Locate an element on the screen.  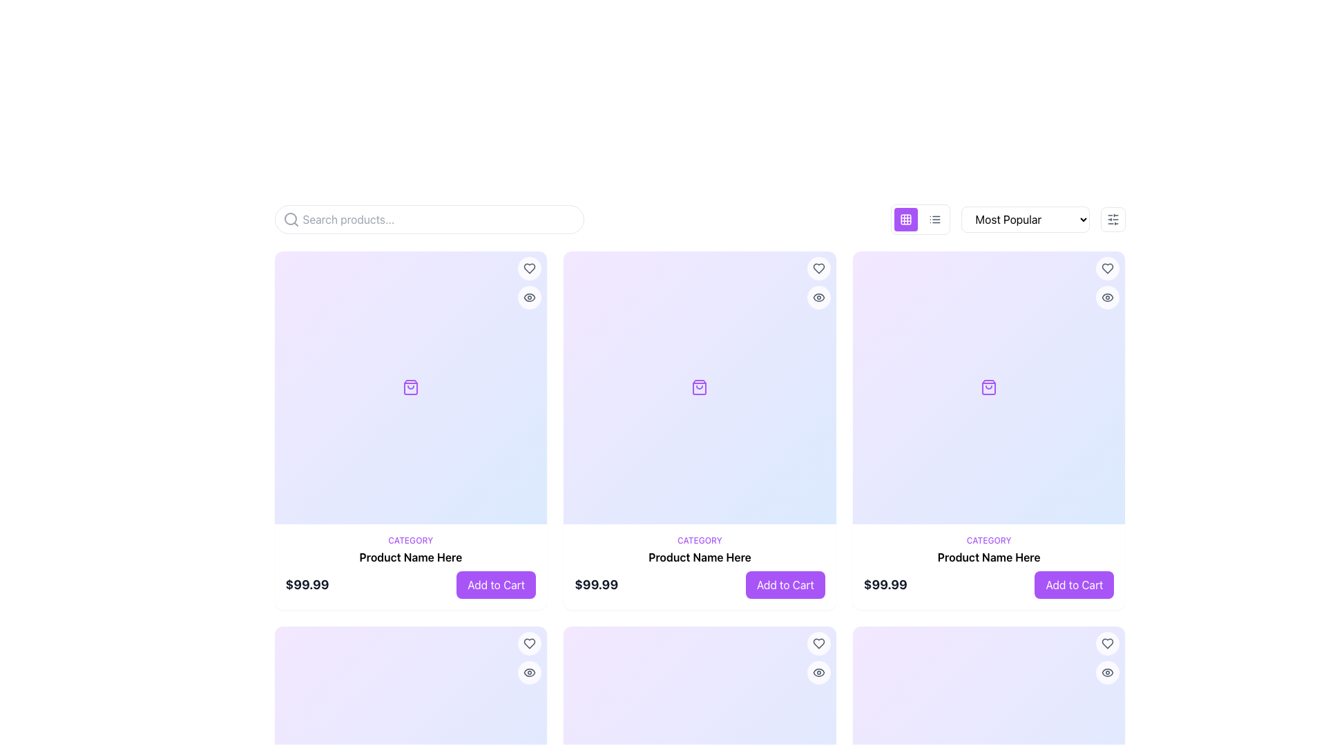
the heart-shaped icon outlined in dark color within the light circular button located at the top-right corner of the second product card in the second row is located at coordinates (818, 269).